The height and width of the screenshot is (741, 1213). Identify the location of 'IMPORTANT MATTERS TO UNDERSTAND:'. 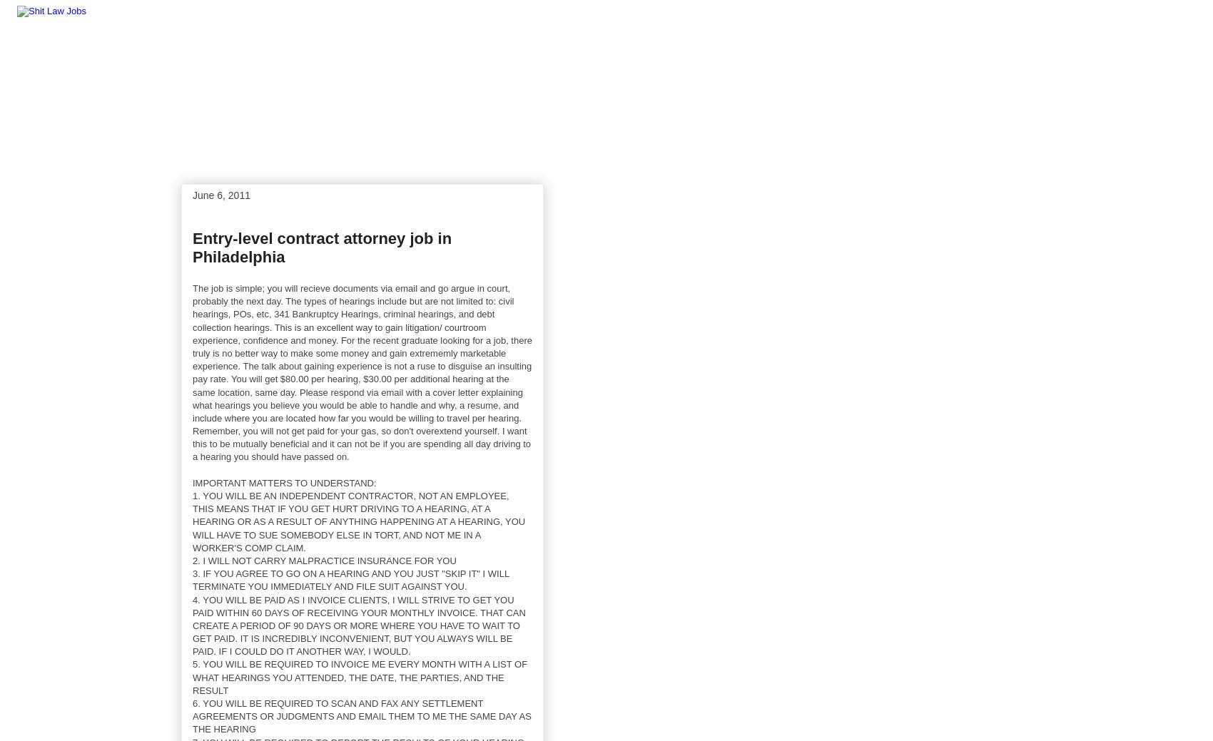
(283, 482).